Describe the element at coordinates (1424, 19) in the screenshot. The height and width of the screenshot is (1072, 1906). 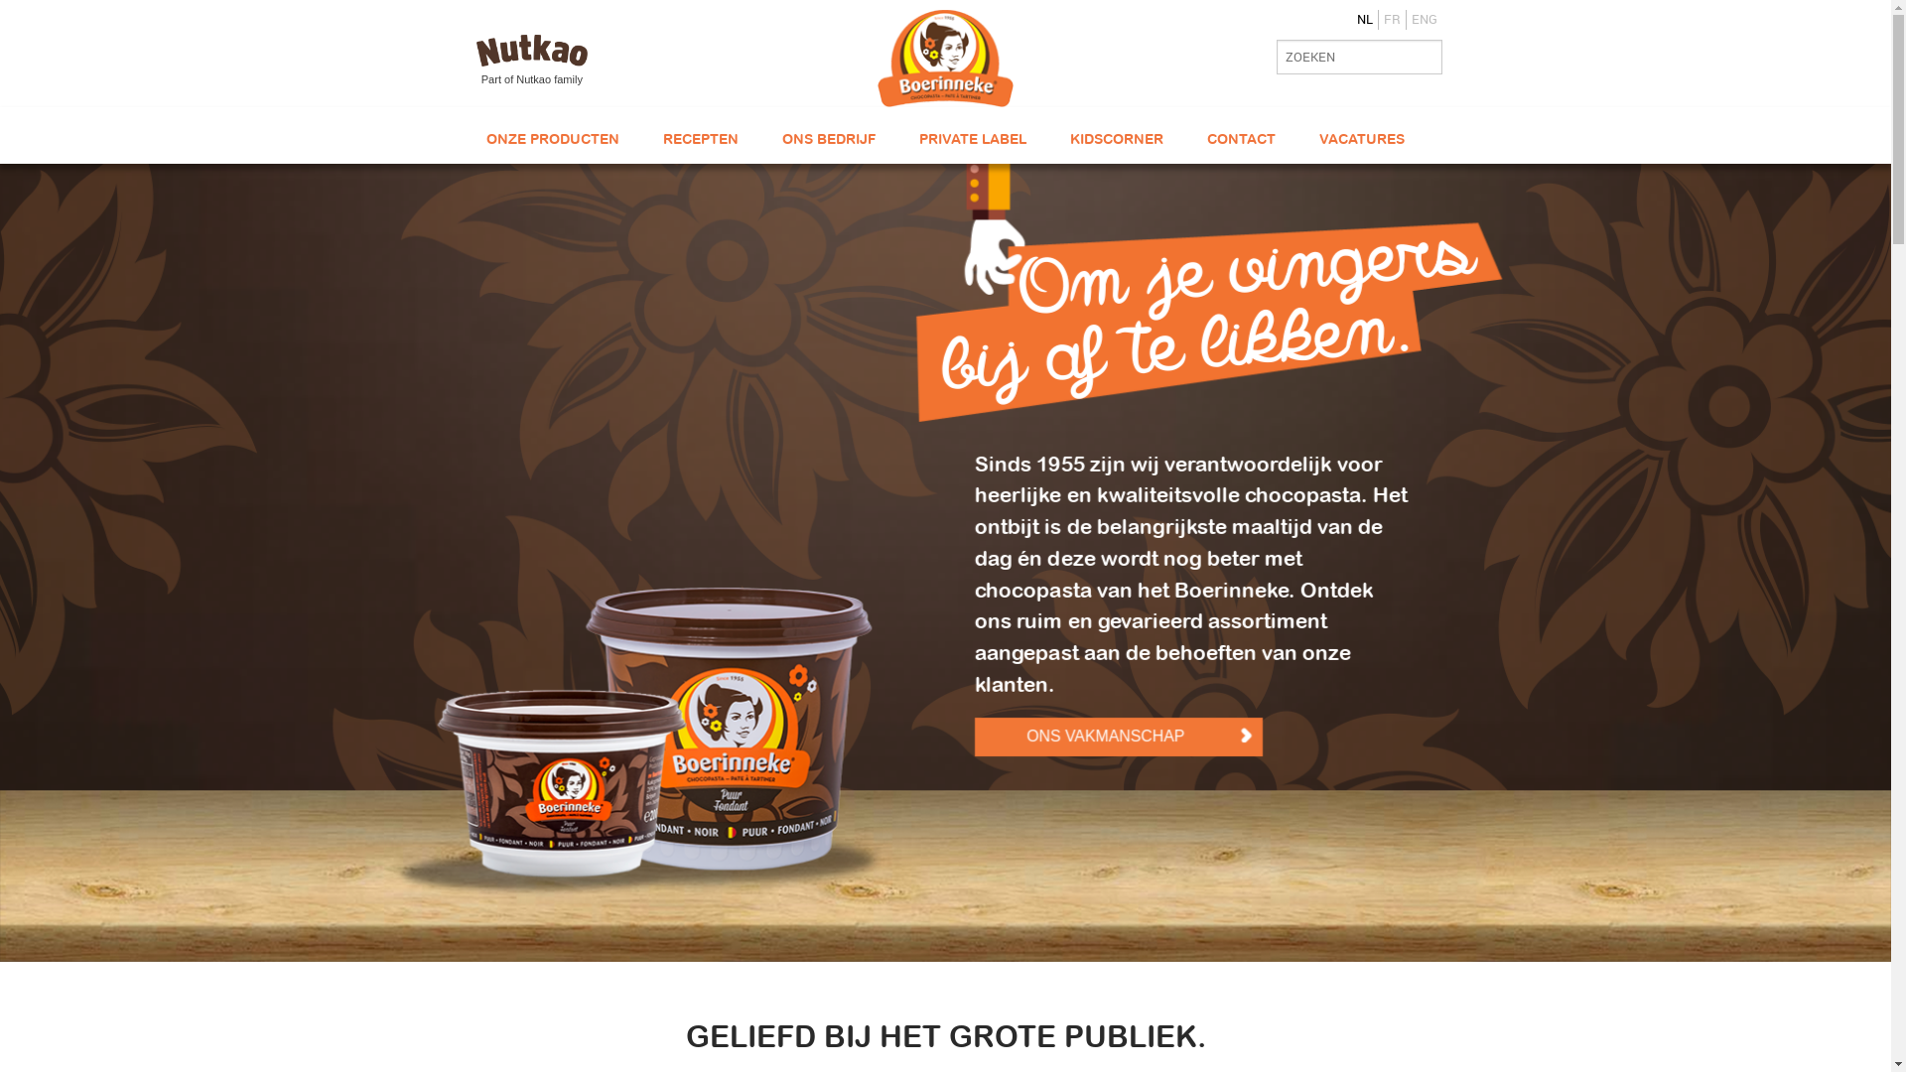
I see `'ENG'` at that location.